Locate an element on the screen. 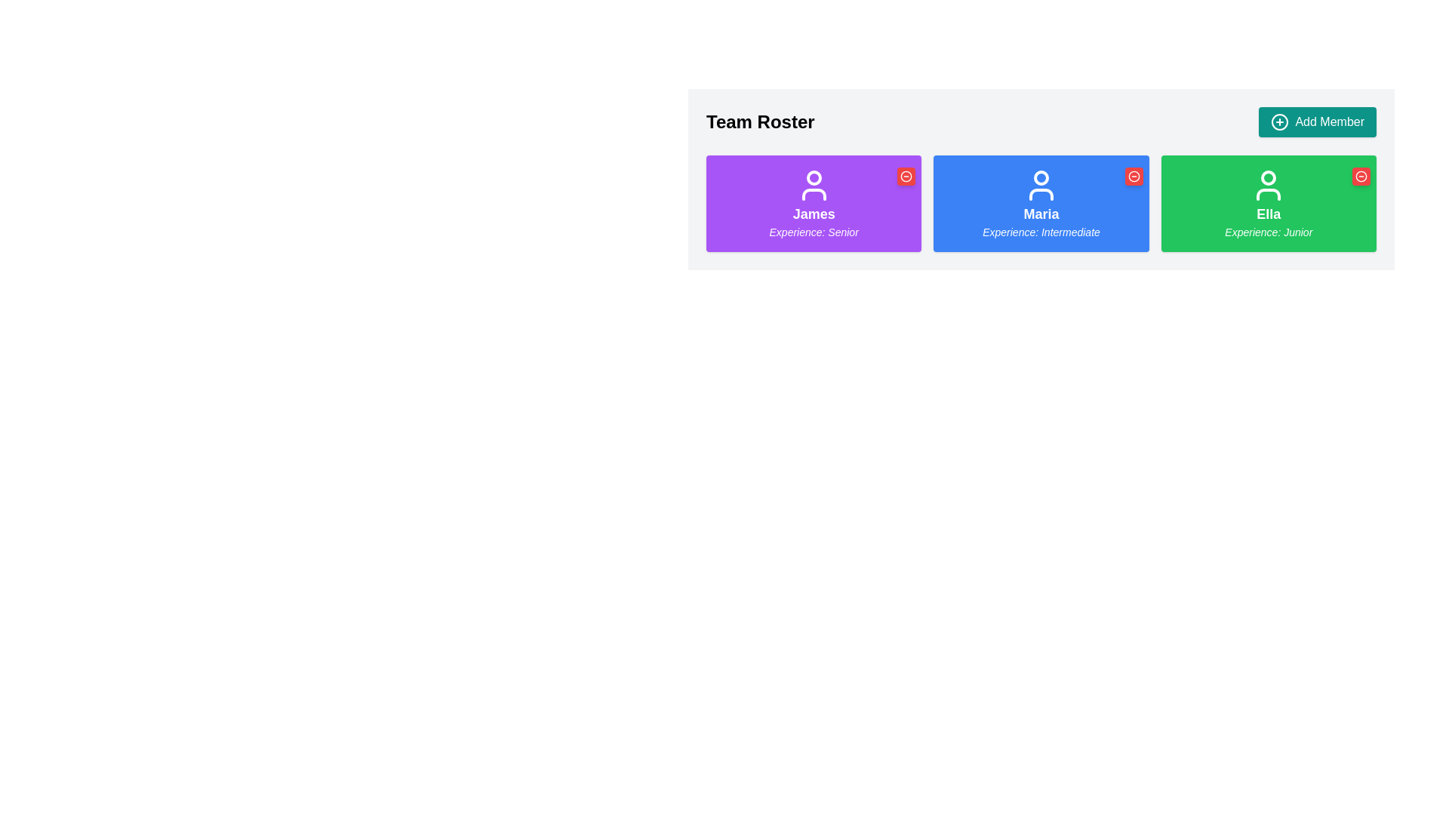 Image resolution: width=1449 pixels, height=815 pixels. the text label displaying 'Maria' in bold font is located at coordinates (1040, 214).